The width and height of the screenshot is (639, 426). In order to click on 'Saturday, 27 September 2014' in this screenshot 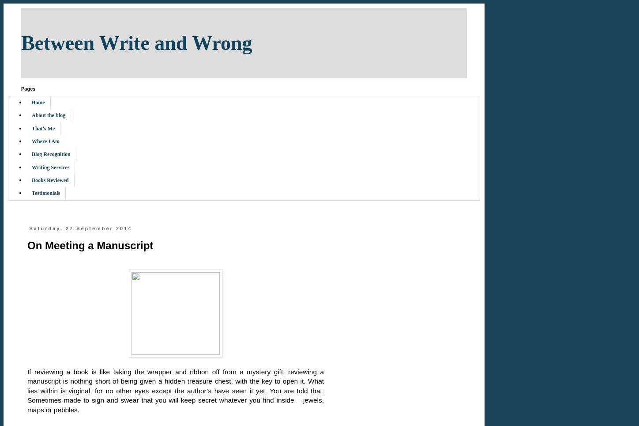, I will do `click(80, 228)`.